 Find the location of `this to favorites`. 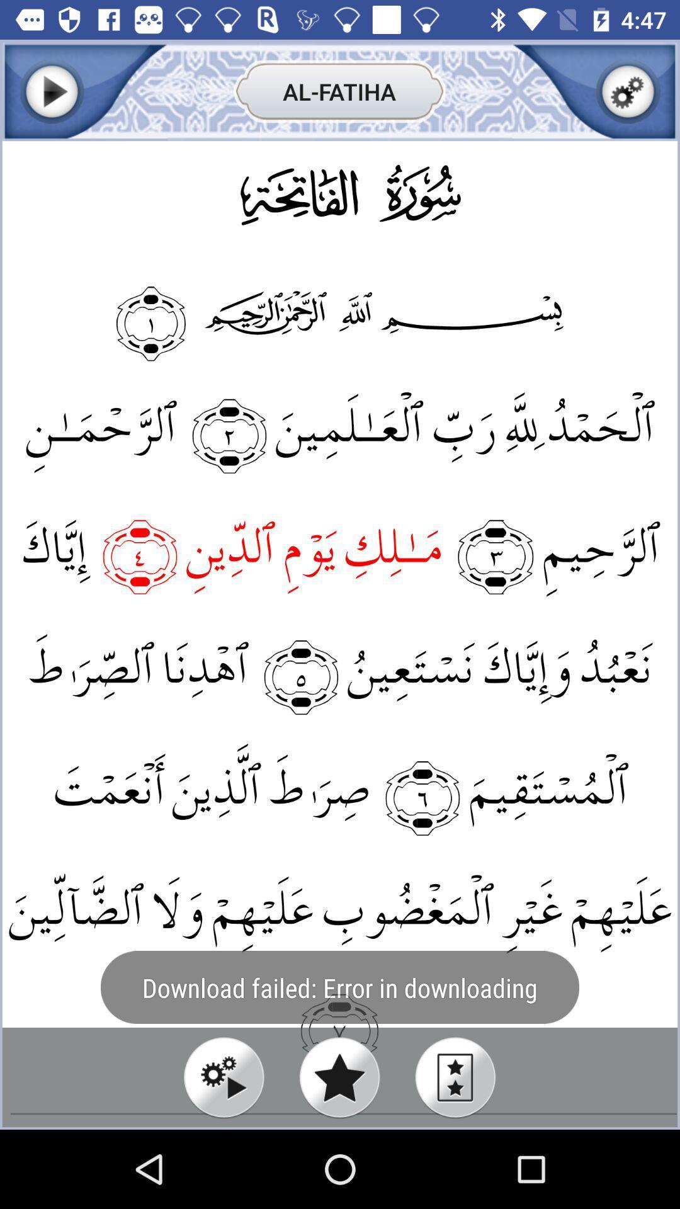

this to favorites is located at coordinates (339, 1077).